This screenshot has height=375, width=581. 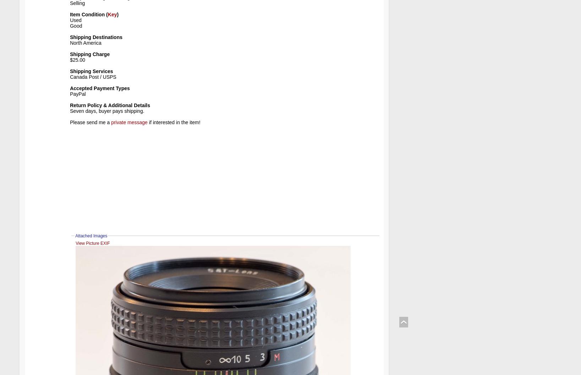 What do you see at coordinates (106, 111) in the screenshot?
I see `'Seven days, buyer pays shipping.'` at bounding box center [106, 111].